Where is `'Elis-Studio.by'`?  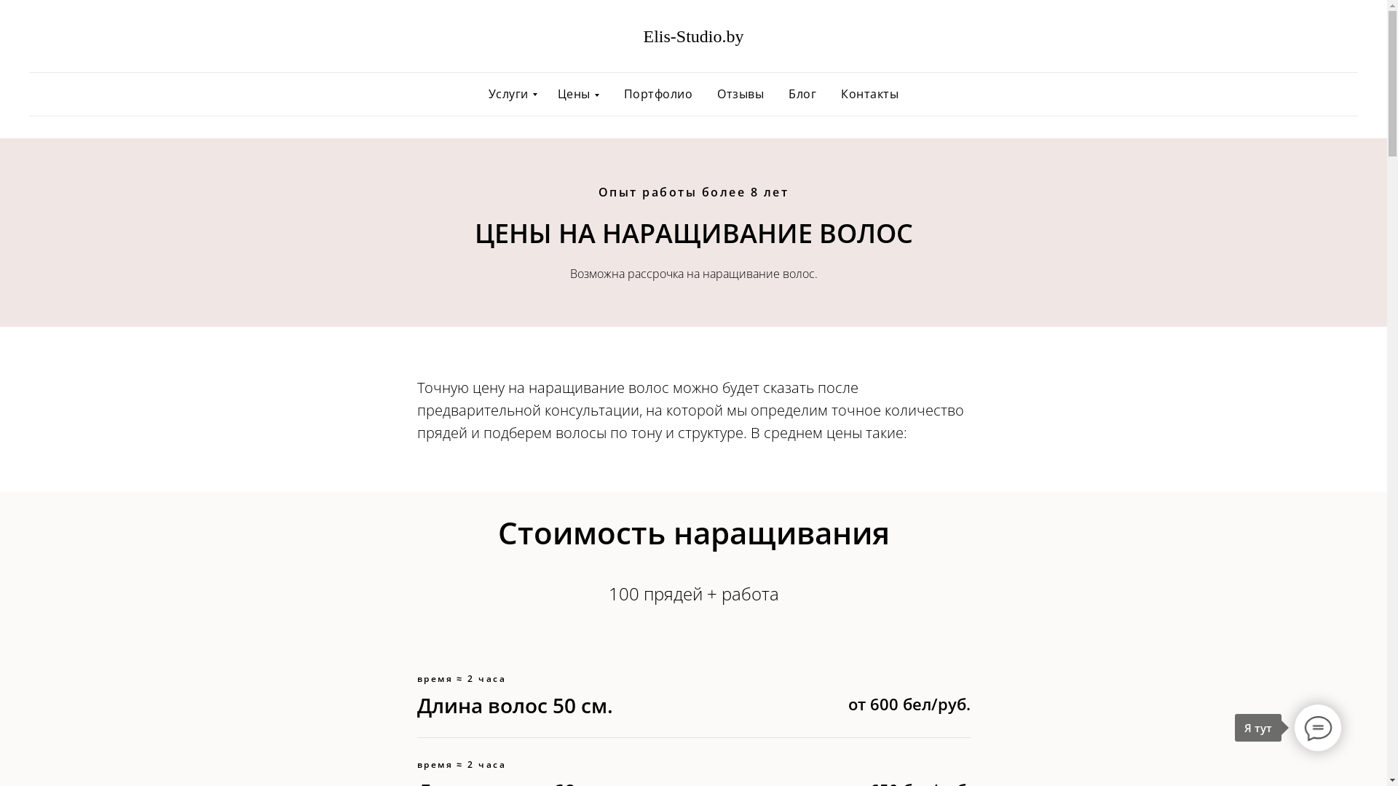
'Elis-Studio.by' is located at coordinates (642, 37).